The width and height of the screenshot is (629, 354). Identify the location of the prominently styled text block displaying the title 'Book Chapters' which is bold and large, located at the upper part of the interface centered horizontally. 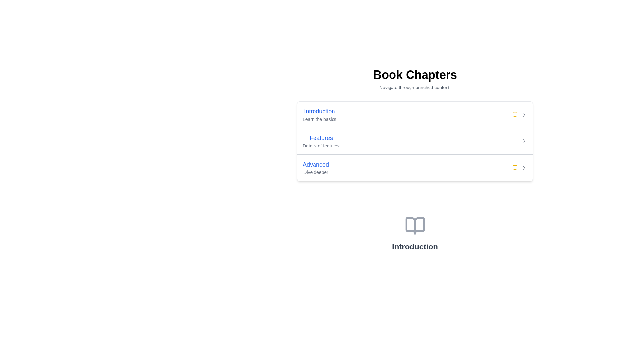
(415, 74).